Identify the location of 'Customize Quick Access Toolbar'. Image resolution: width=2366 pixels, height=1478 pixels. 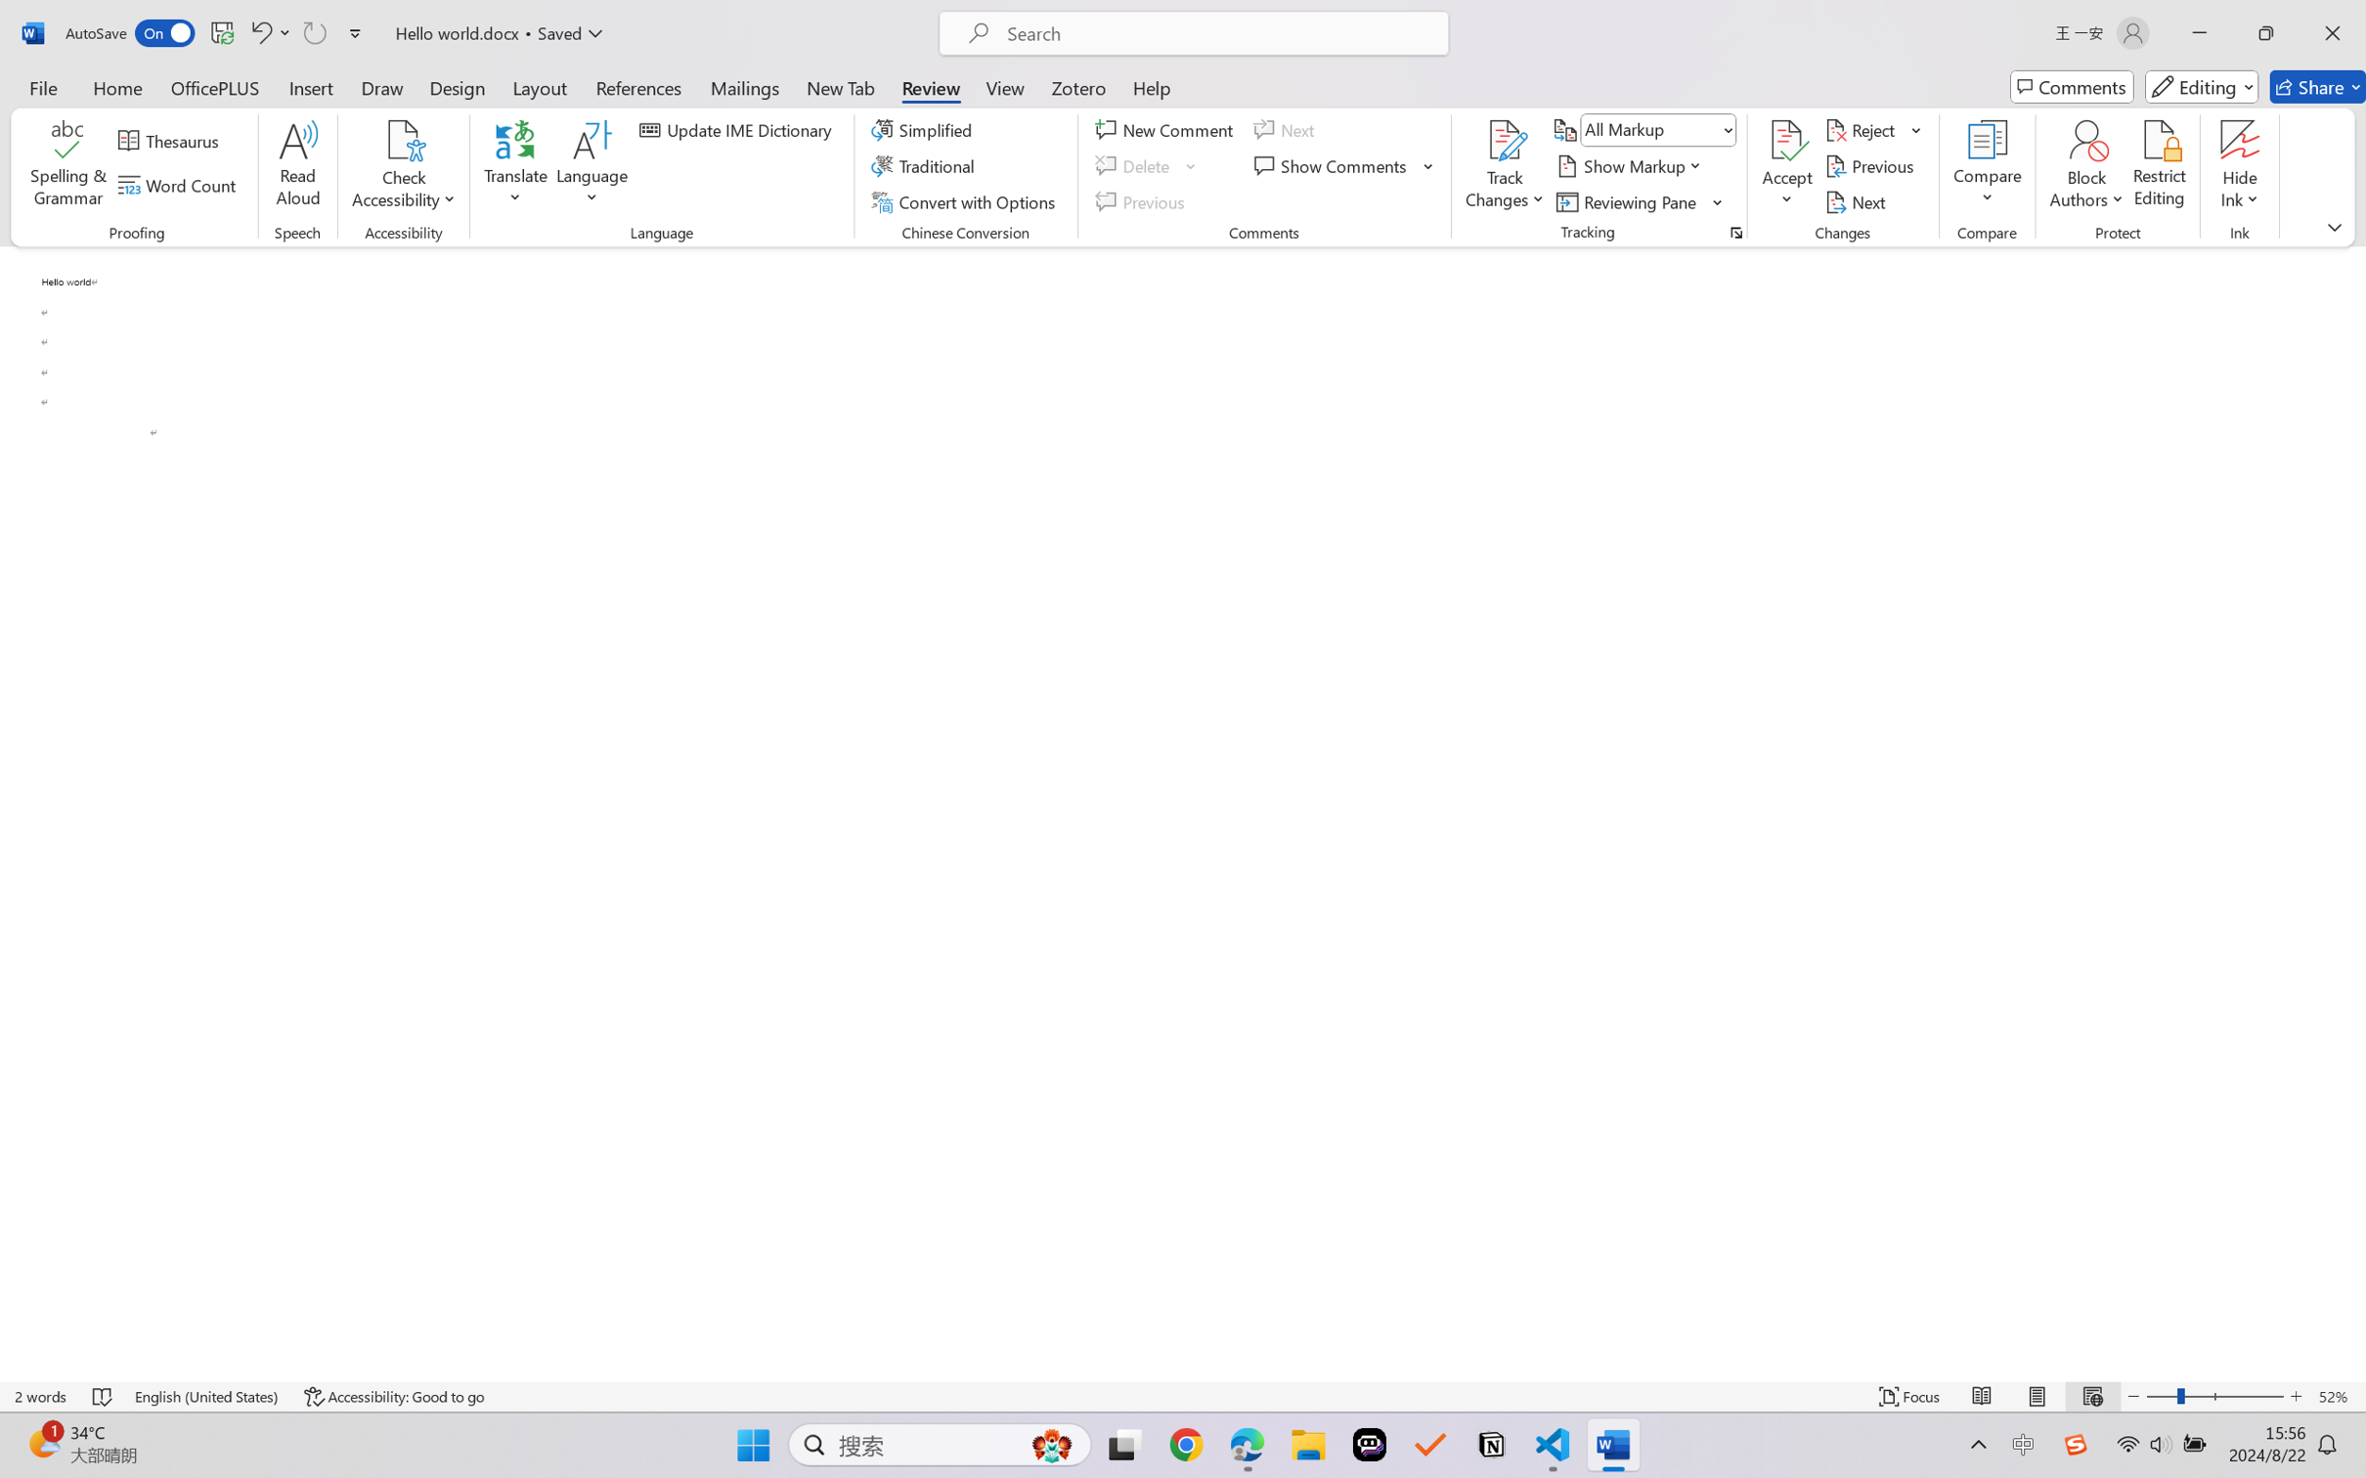
(355, 32).